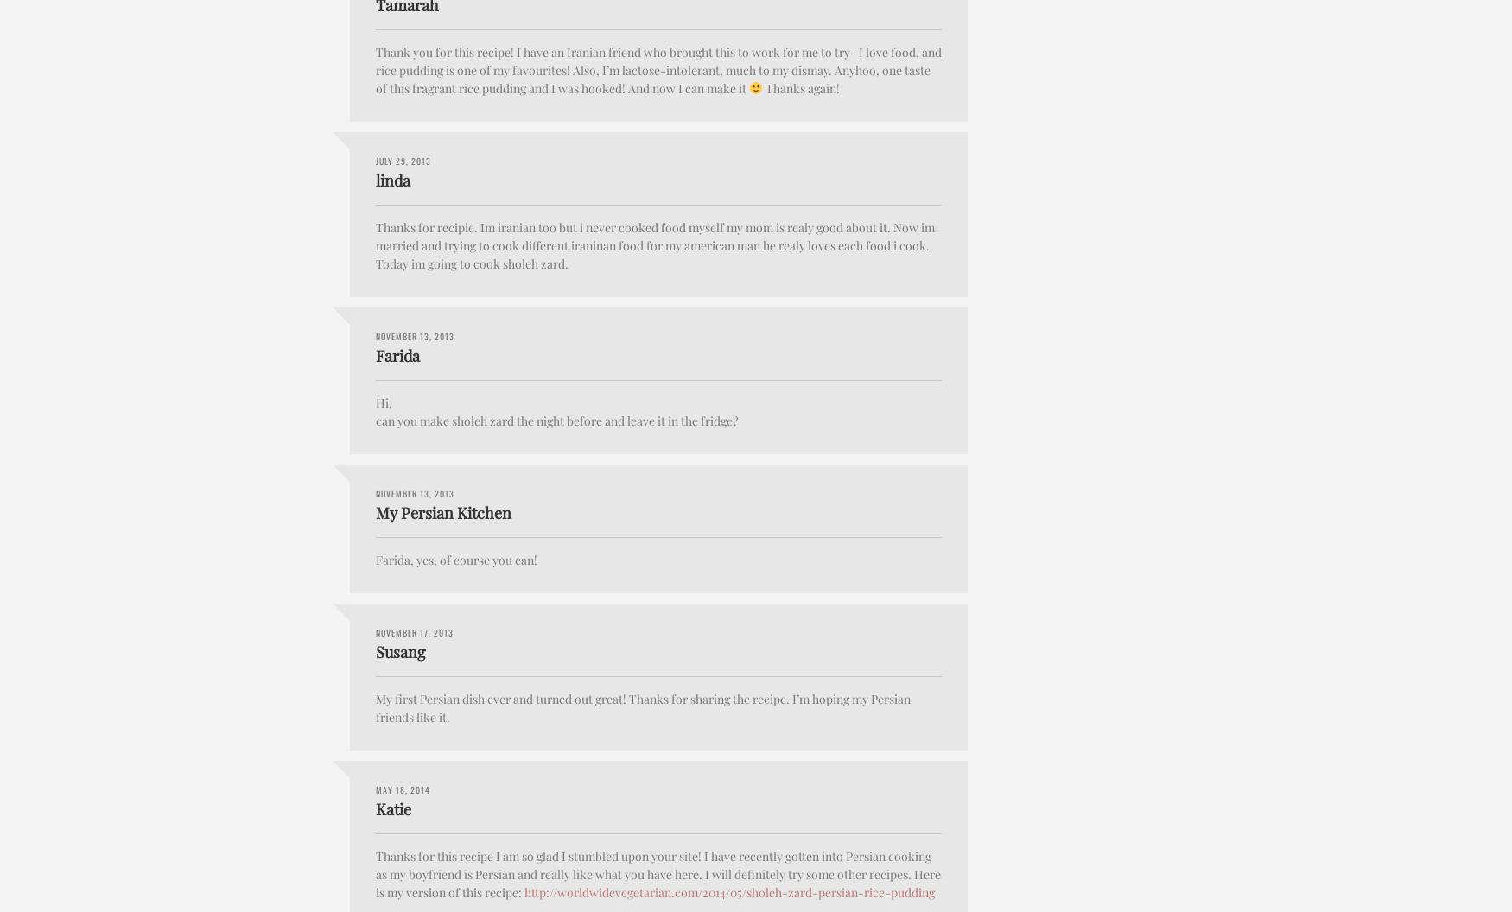 This screenshot has width=1512, height=912. What do you see at coordinates (658, 68) in the screenshot?
I see `'Thank you for this recipe! I have an Iranian friend who brought this to work for me to try- I love food, and rice pudding is one of my favourites! Also, I’m lactose-intolerant, much to my dismay. Anyhoo, one taste of this fragrant rice pudding and I was hooked! And now I can make it'` at bounding box center [658, 68].